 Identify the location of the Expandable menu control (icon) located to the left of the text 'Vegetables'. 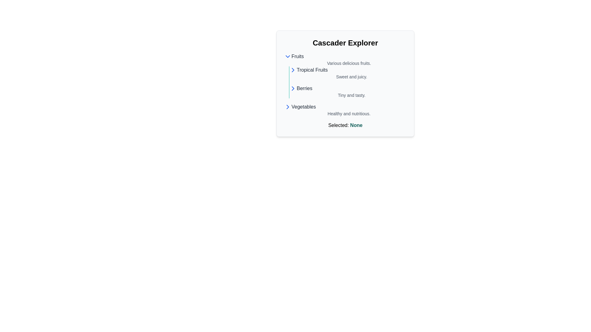
(287, 106).